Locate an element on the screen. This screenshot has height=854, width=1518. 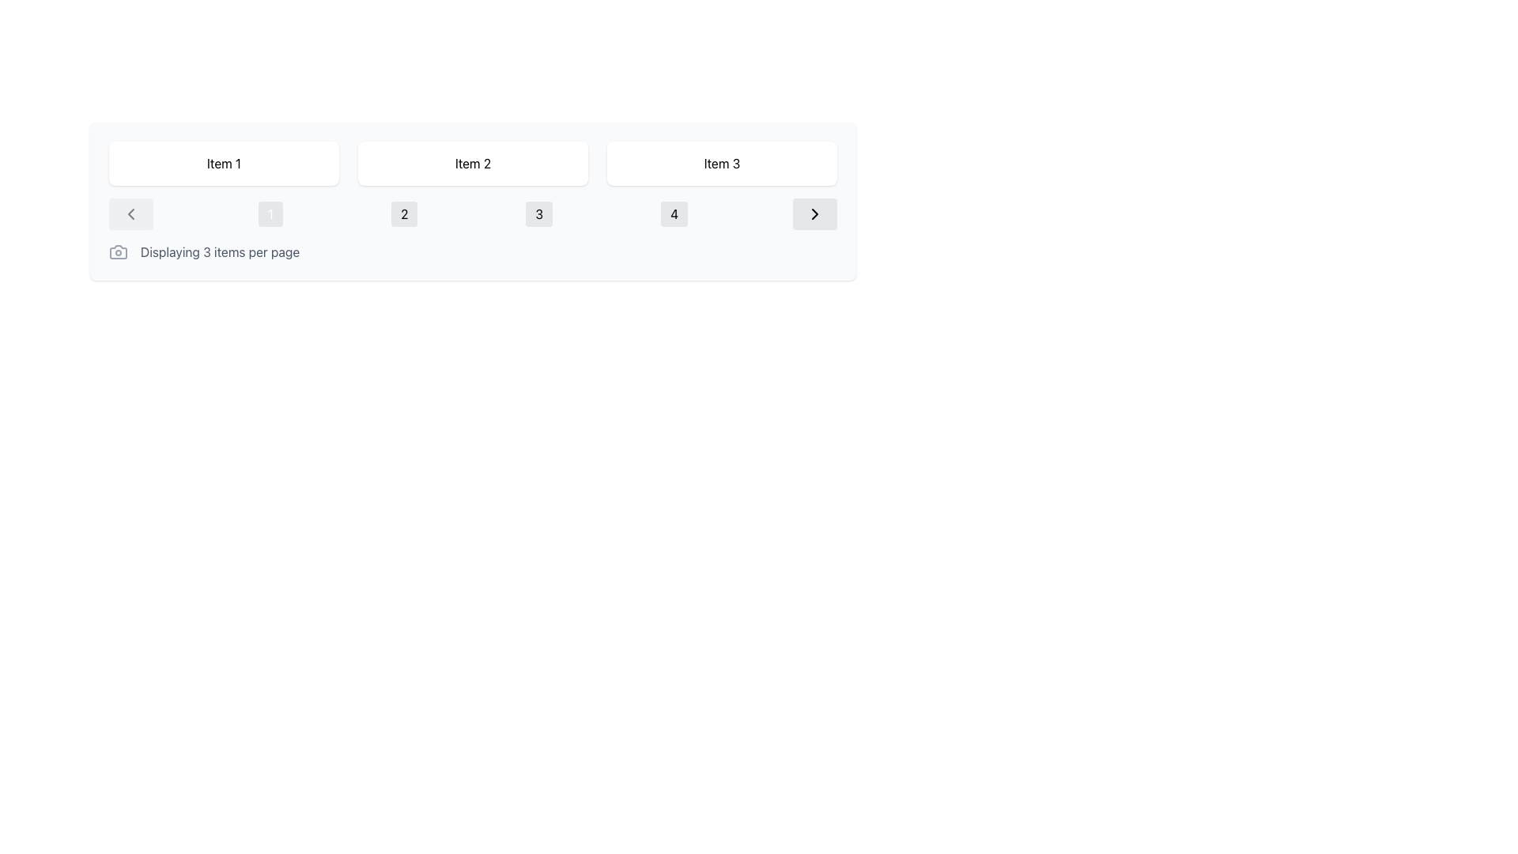
the pagination button displaying the number '3', which is styled as a rounded rectangle with a light gray background is located at coordinates (539, 213).